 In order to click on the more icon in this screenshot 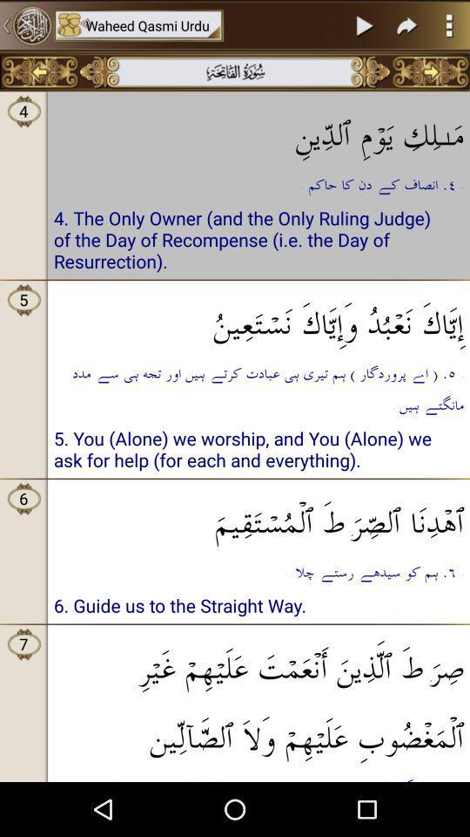, I will do `click(449, 26)`.